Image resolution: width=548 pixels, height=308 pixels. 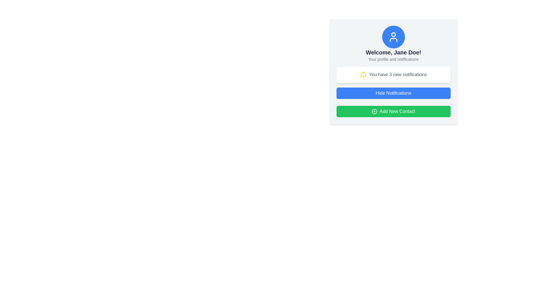 What do you see at coordinates (393, 71) in the screenshot?
I see `the user profile overview or dashboard header element that displays user-specific information and notifications` at bounding box center [393, 71].